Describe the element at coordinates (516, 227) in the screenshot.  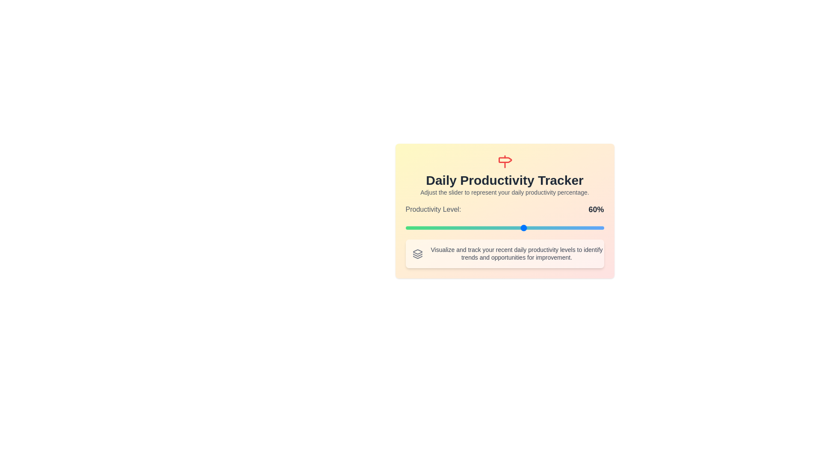
I see `the slider to set the productivity level to 56%` at that location.